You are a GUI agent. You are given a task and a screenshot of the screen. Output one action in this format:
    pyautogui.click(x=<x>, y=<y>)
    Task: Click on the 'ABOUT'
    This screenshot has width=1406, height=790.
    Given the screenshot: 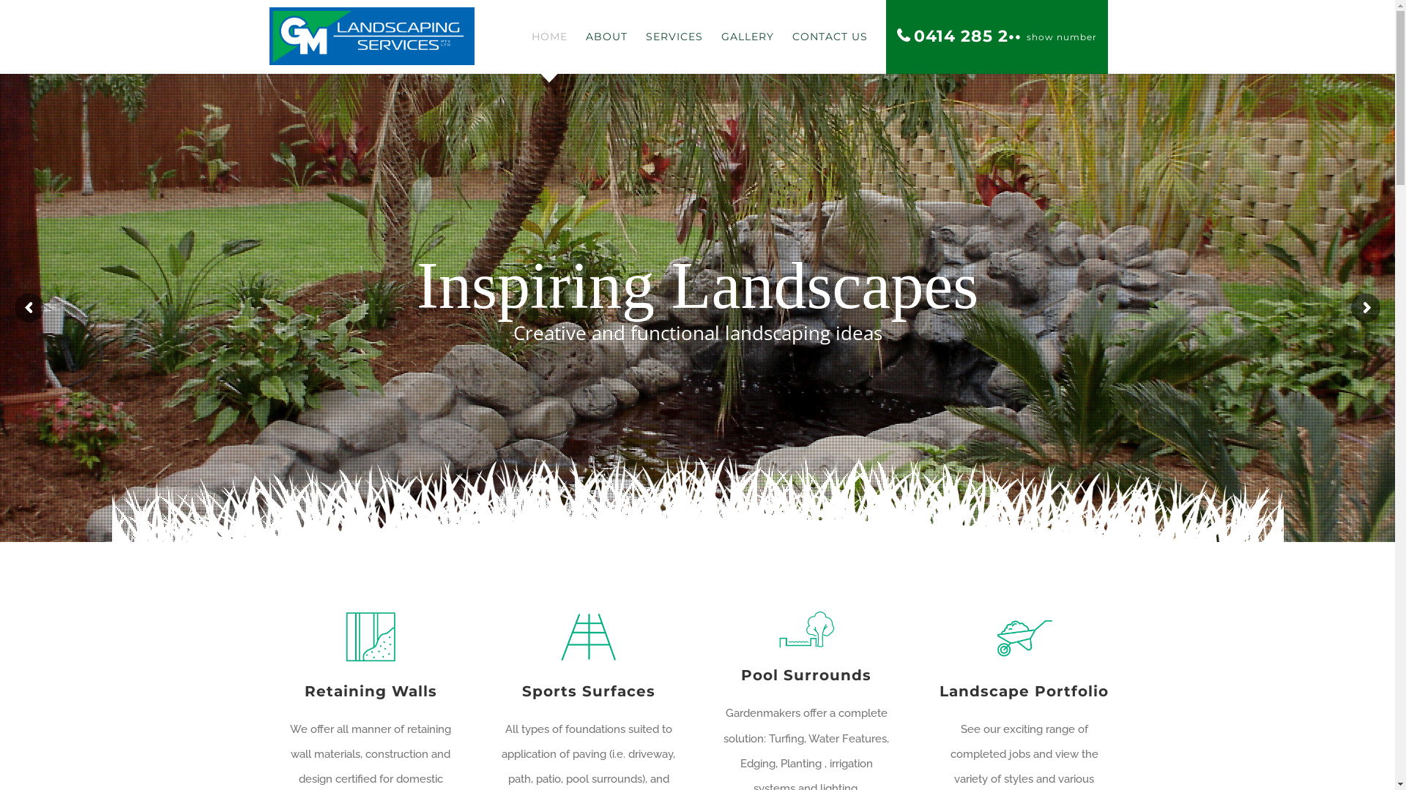 What is the action you would take?
    pyautogui.click(x=606, y=36)
    